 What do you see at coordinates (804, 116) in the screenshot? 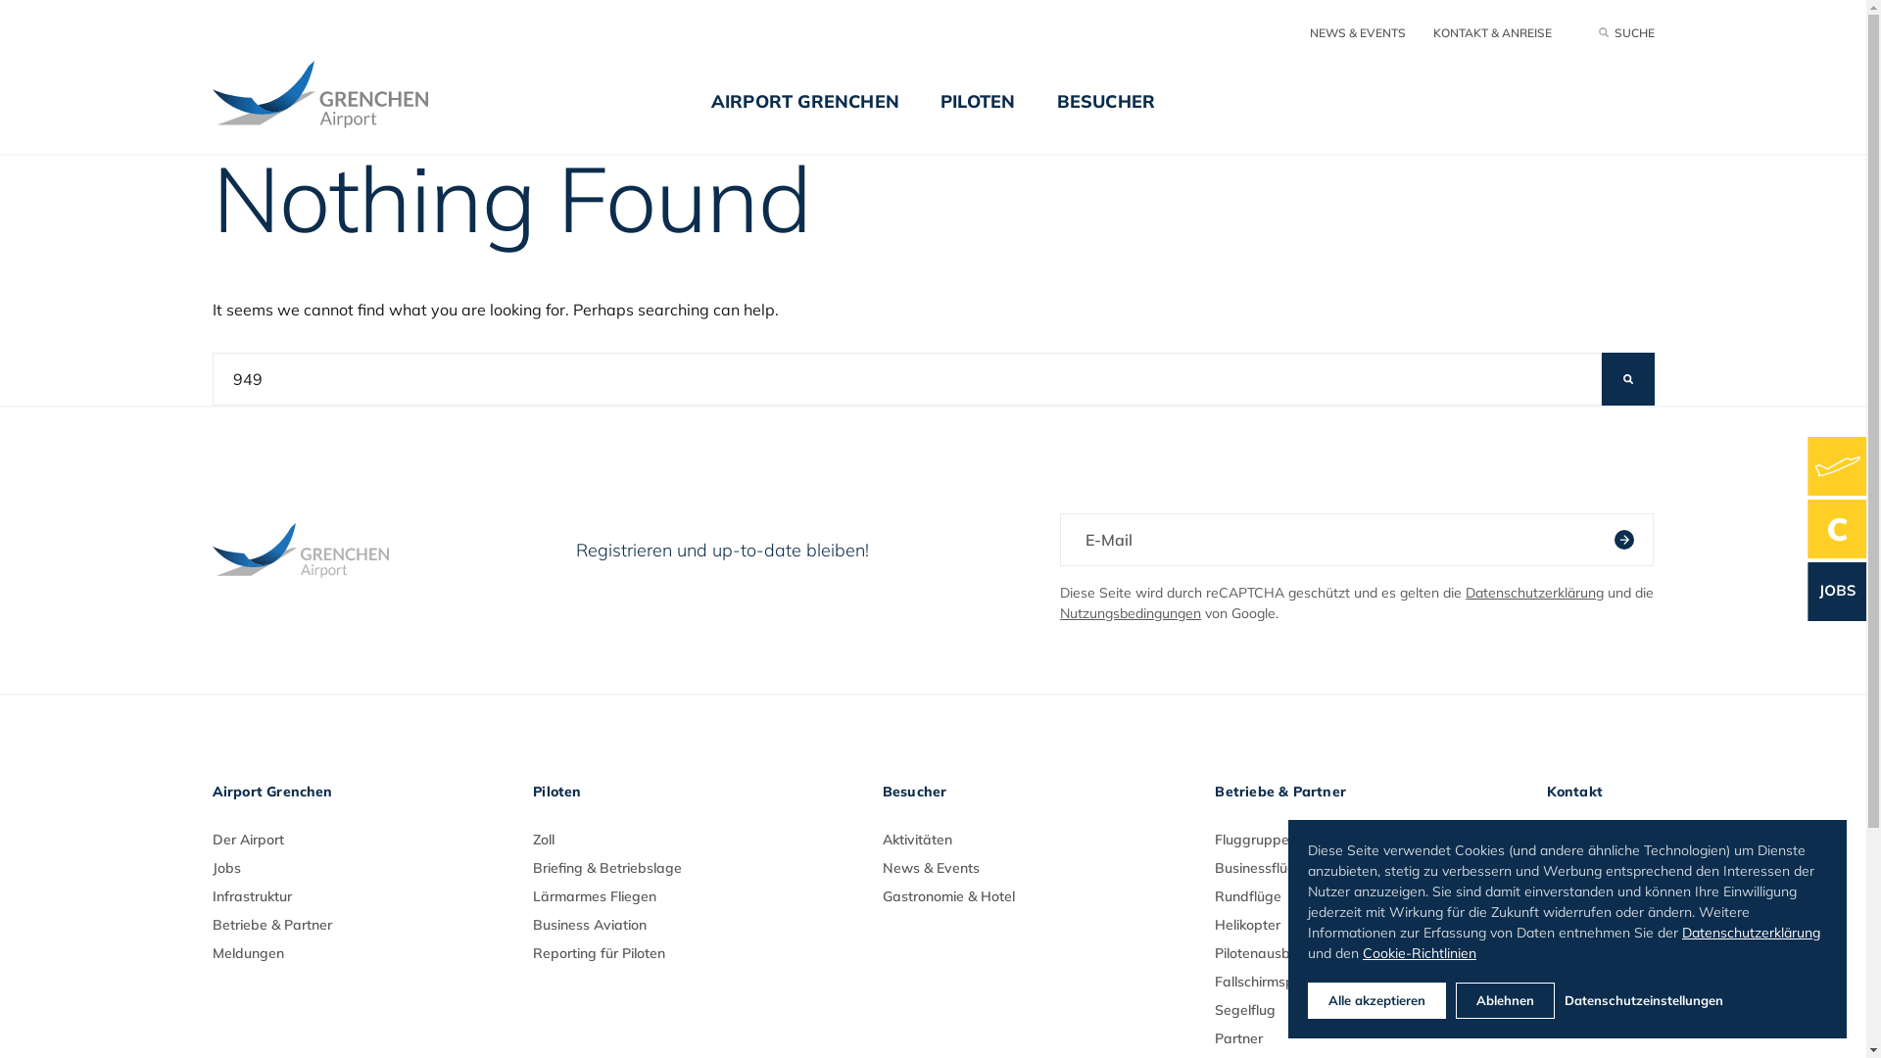
I see `'AIRPORT GRENCHEN'` at bounding box center [804, 116].